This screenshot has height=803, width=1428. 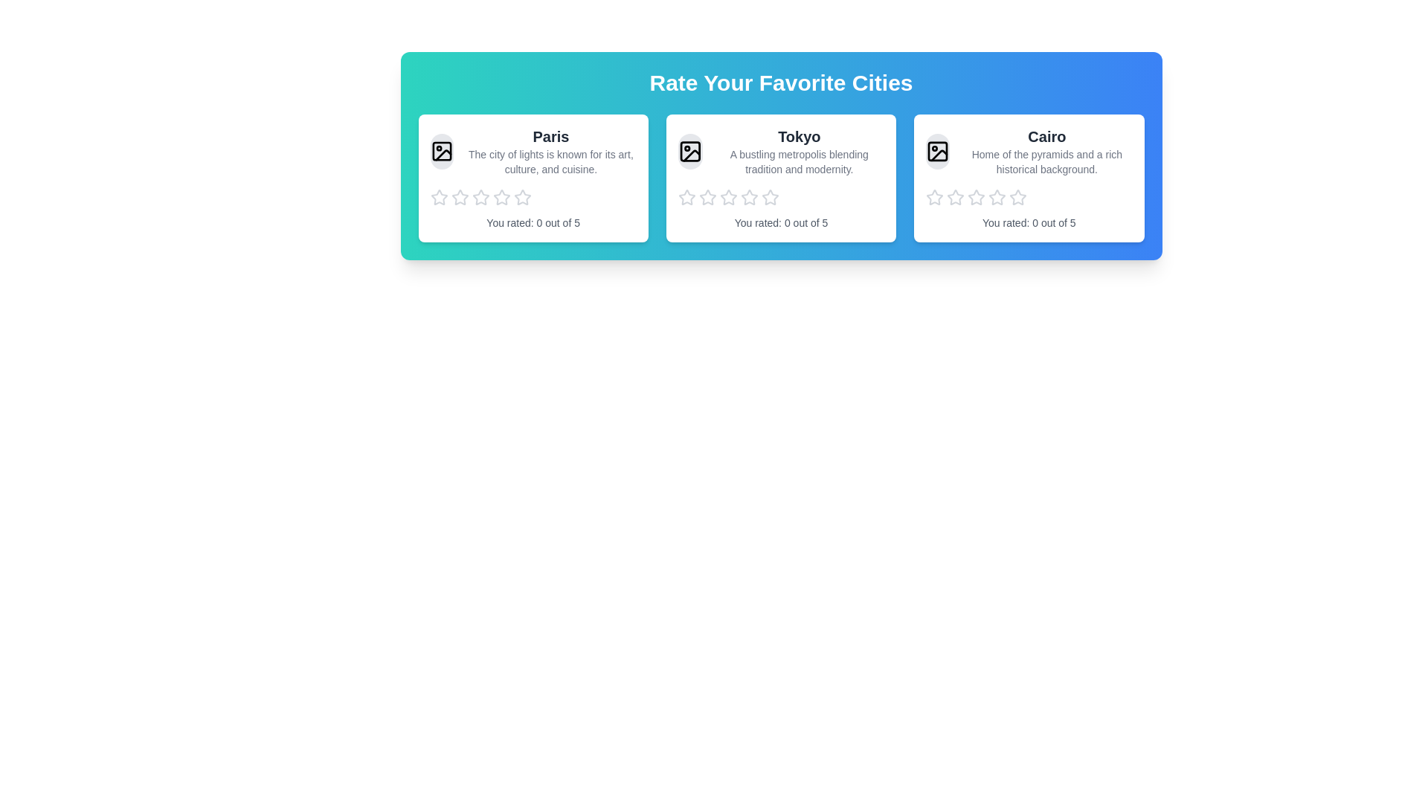 What do you see at coordinates (1028, 197) in the screenshot?
I see `the first star of the Rating control (star-based) located in the 'Cairo' section` at bounding box center [1028, 197].